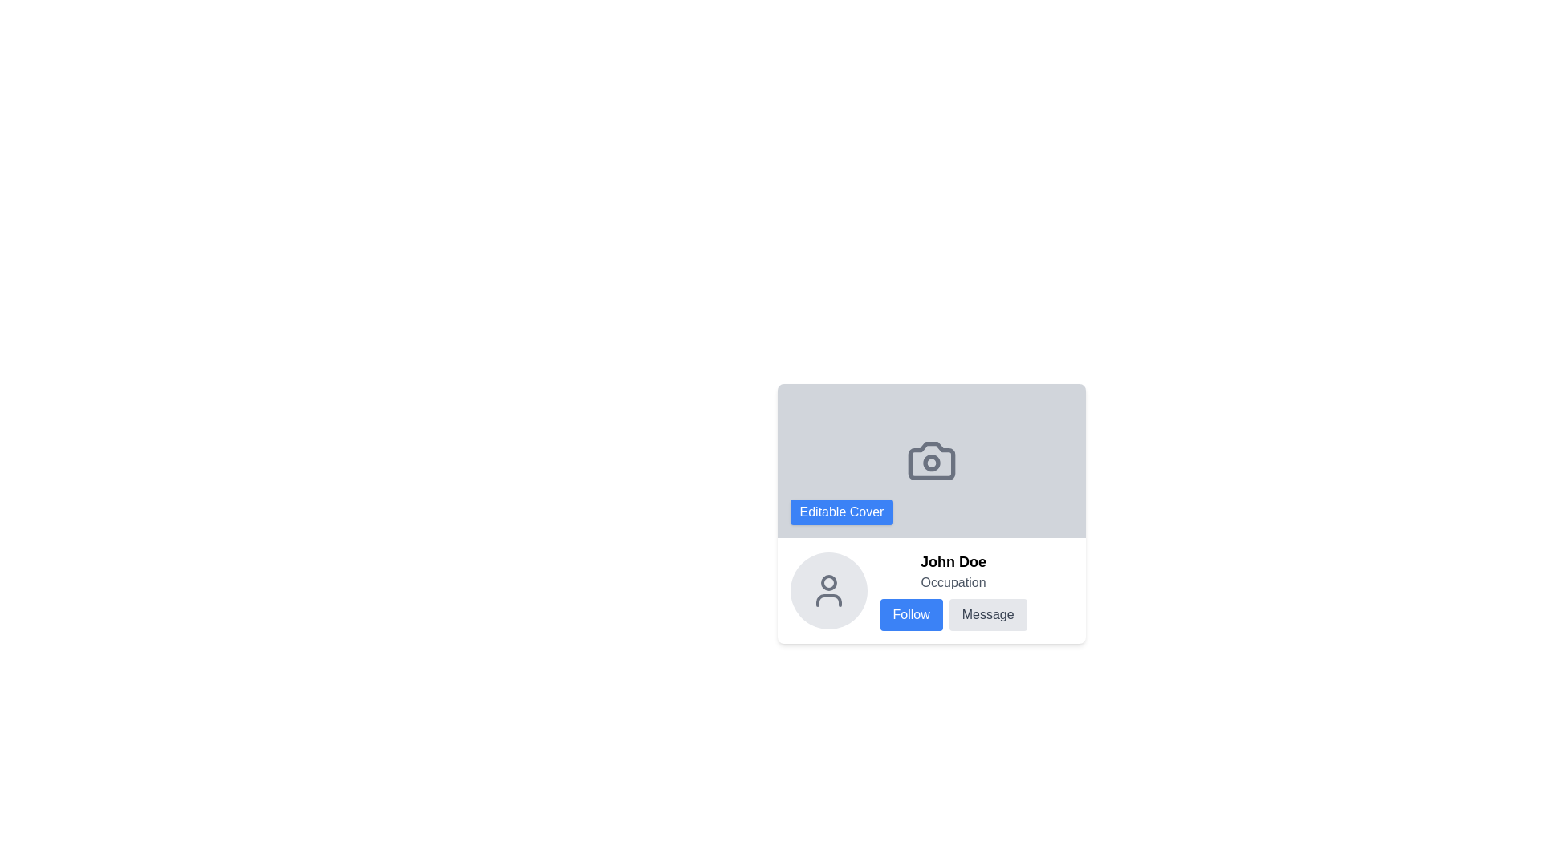 The width and height of the screenshot is (1541, 866). I want to click on the 'Message' button, which is the second button in a horizontal group of two buttons, to change its background color, so click(987, 614).